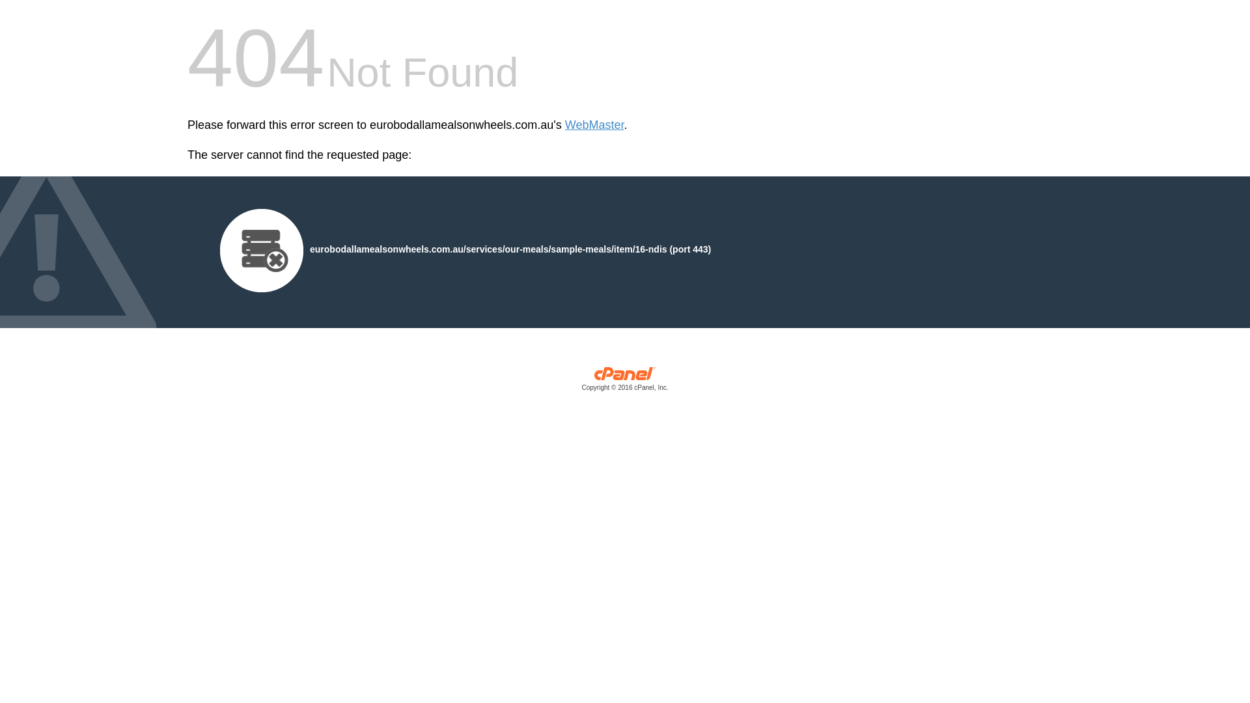 This screenshot has height=703, width=1250. Describe the element at coordinates (594, 125) in the screenshot. I see `'WebMaster'` at that location.